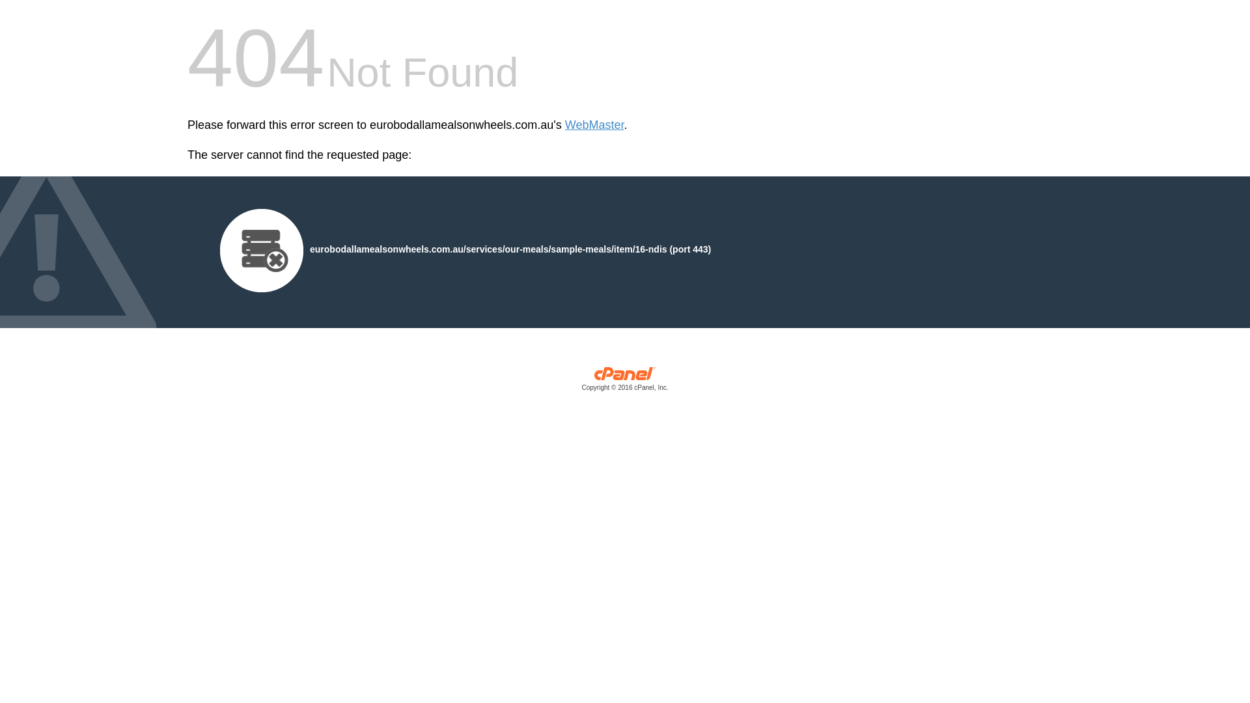 This screenshot has height=703, width=1250. Describe the element at coordinates (594, 125) in the screenshot. I see `'WebMaster'` at that location.